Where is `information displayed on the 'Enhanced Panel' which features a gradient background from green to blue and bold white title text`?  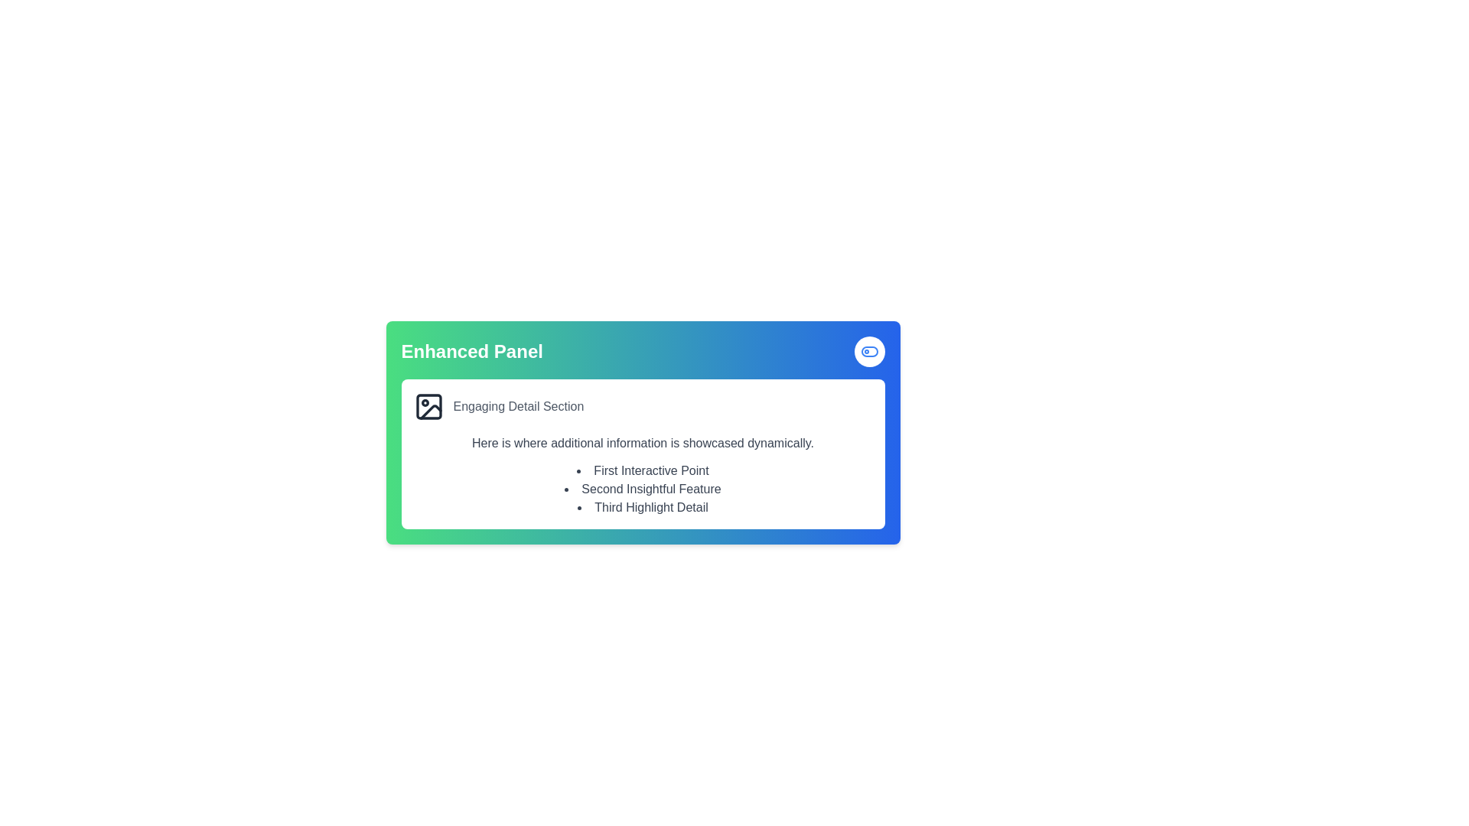
information displayed on the 'Enhanced Panel' which features a gradient background from green to blue and bold white title text is located at coordinates (643, 433).